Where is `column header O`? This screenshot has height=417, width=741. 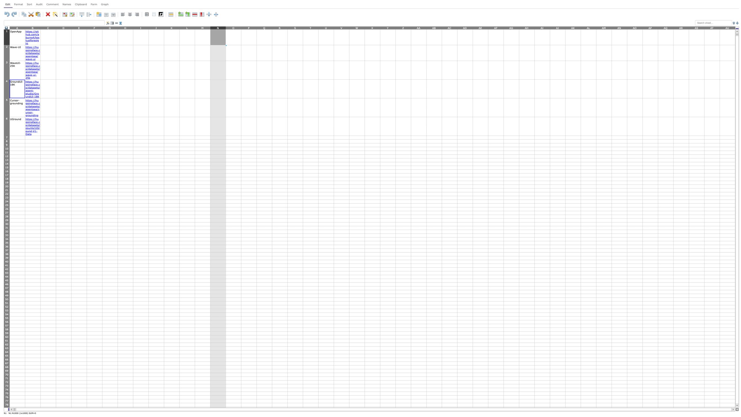 column header O is located at coordinates (233, 27).